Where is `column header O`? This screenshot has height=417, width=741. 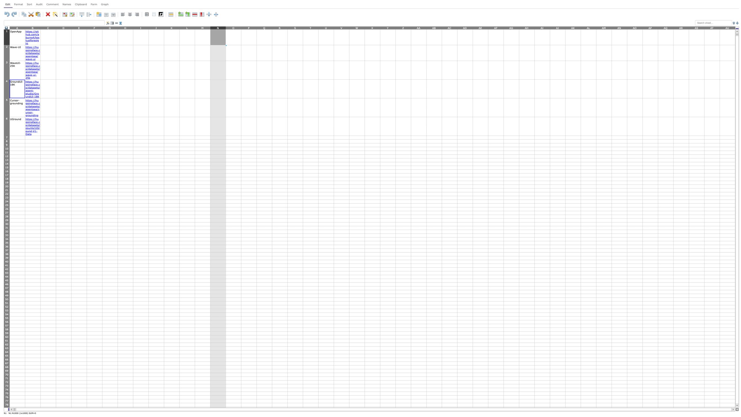 column header O is located at coordinates (233, 27).